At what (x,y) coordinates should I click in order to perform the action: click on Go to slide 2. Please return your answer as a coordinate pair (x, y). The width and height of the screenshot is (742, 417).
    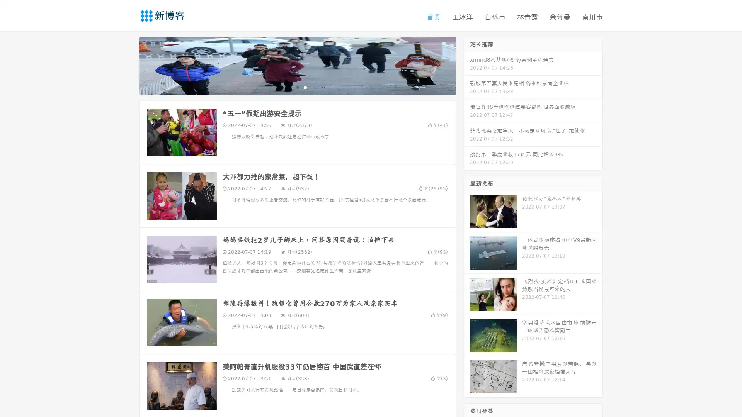
    Looking at the image, I should click on (297, 87).